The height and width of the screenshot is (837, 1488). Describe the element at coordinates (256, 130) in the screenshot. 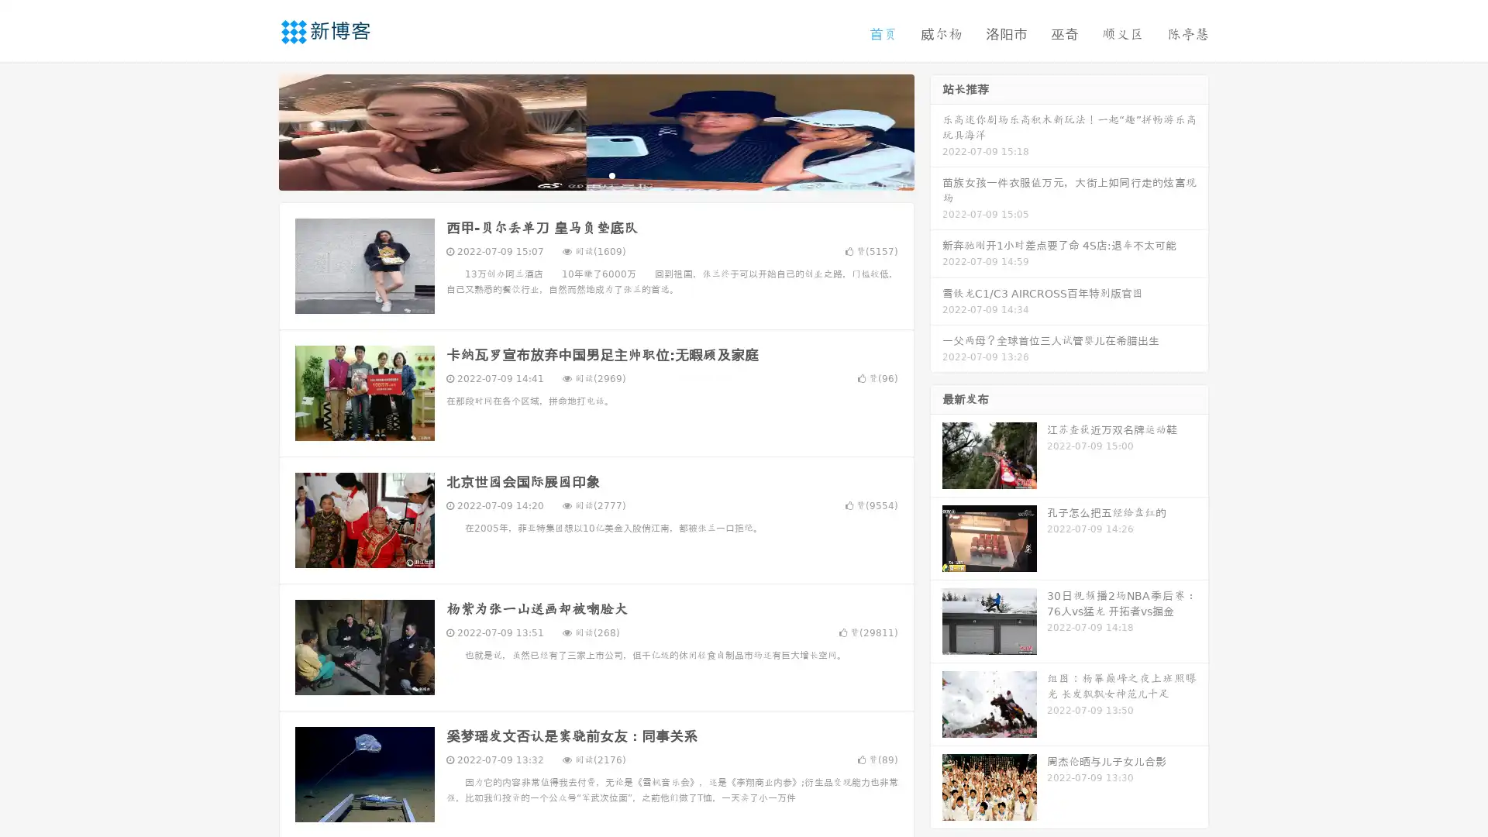

I see `Previous slide` at that location.